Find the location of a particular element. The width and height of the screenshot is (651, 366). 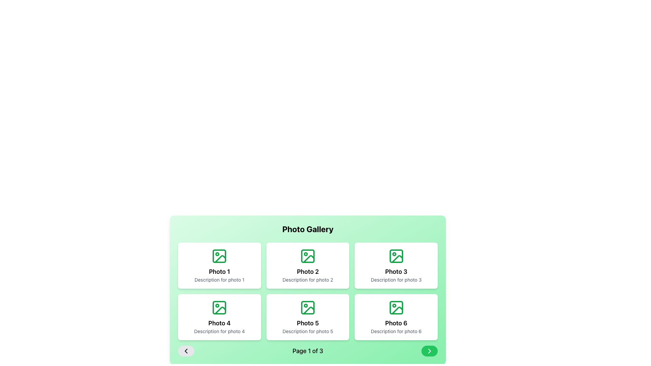

the first card in the second row of the photo gallery, which serves as a preview for 'Photo 4.' is located at coordinates (219, 317).